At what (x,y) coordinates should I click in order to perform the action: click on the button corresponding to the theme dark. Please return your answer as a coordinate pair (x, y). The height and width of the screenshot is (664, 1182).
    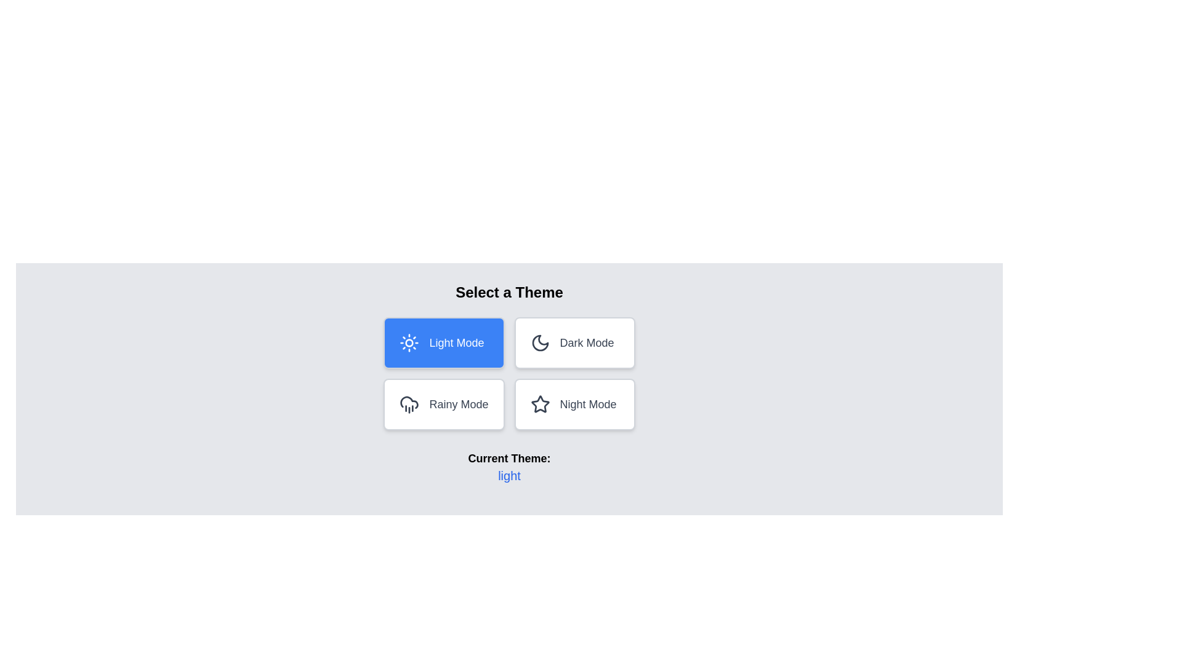
    Looking at the image, I should click on (573, 343).